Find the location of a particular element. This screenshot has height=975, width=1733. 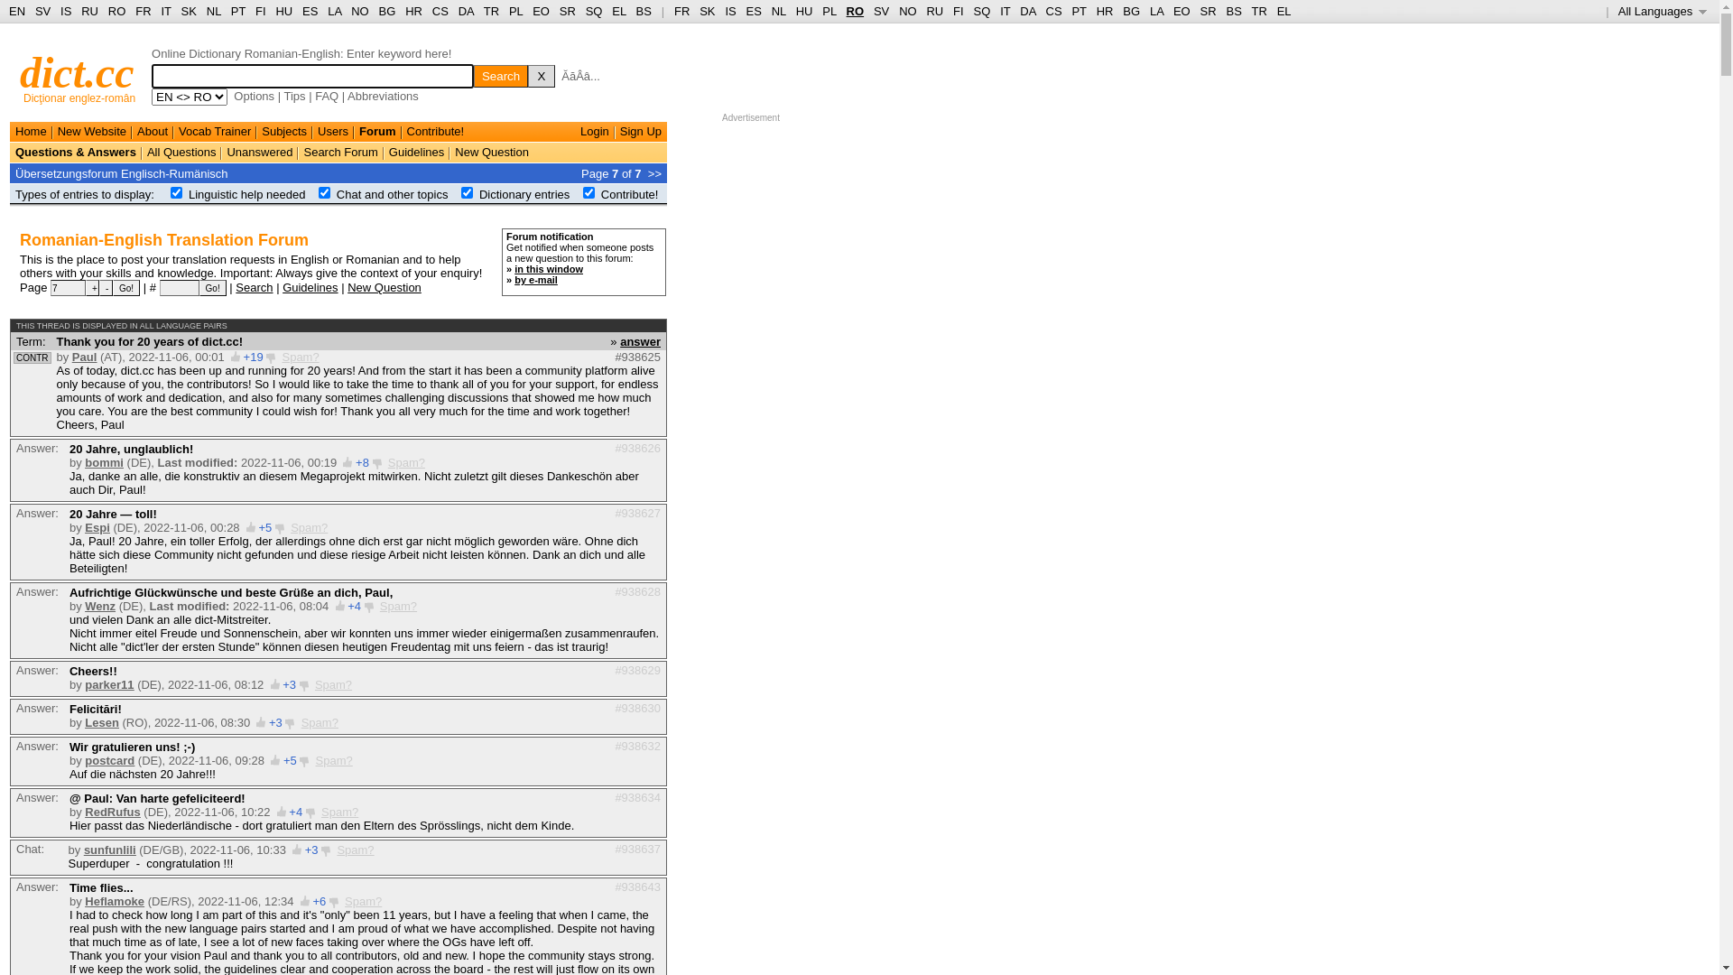

'IS' is located at coordinates (730, 11).